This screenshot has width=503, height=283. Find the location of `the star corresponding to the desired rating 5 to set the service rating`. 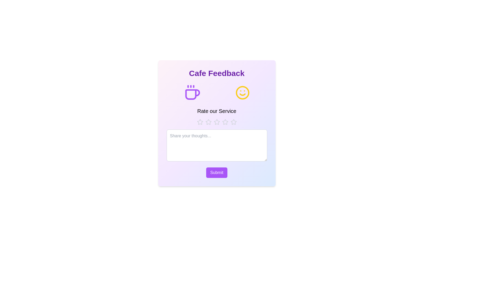

the star corresponding to the desired rating 5 to set the service rating is located at coordinates (233, 122).